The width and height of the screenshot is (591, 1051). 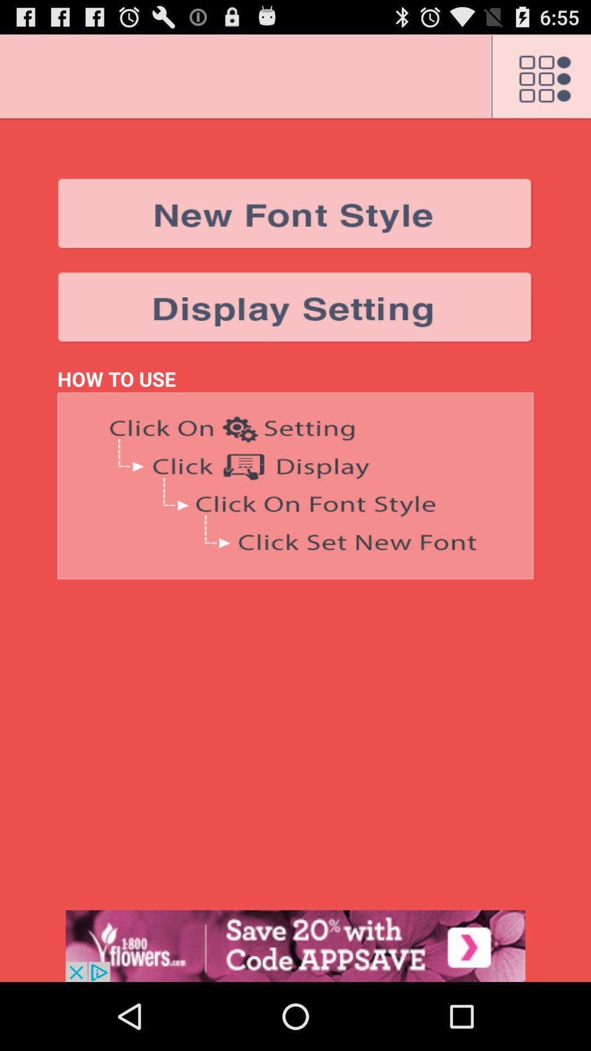 What do you see at coordinates (296, 945) in the screenshot?
I see `advertisement` at bounding box center [296, 945].